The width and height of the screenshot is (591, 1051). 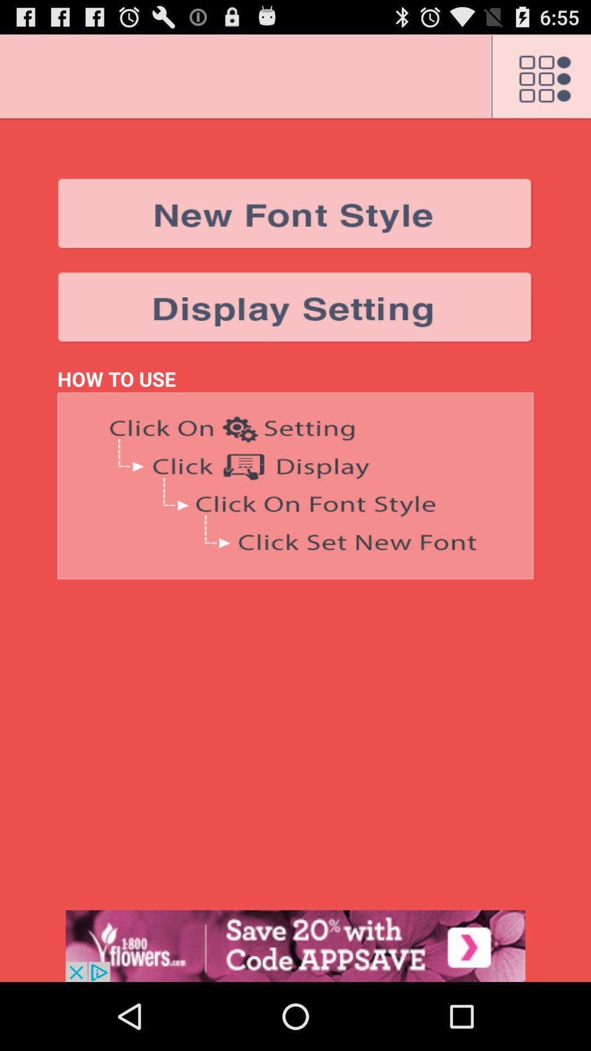 What do you see at coordinates (296, 945) in the screenshot?
I see `advertisement` at bounding box center [296, 945].